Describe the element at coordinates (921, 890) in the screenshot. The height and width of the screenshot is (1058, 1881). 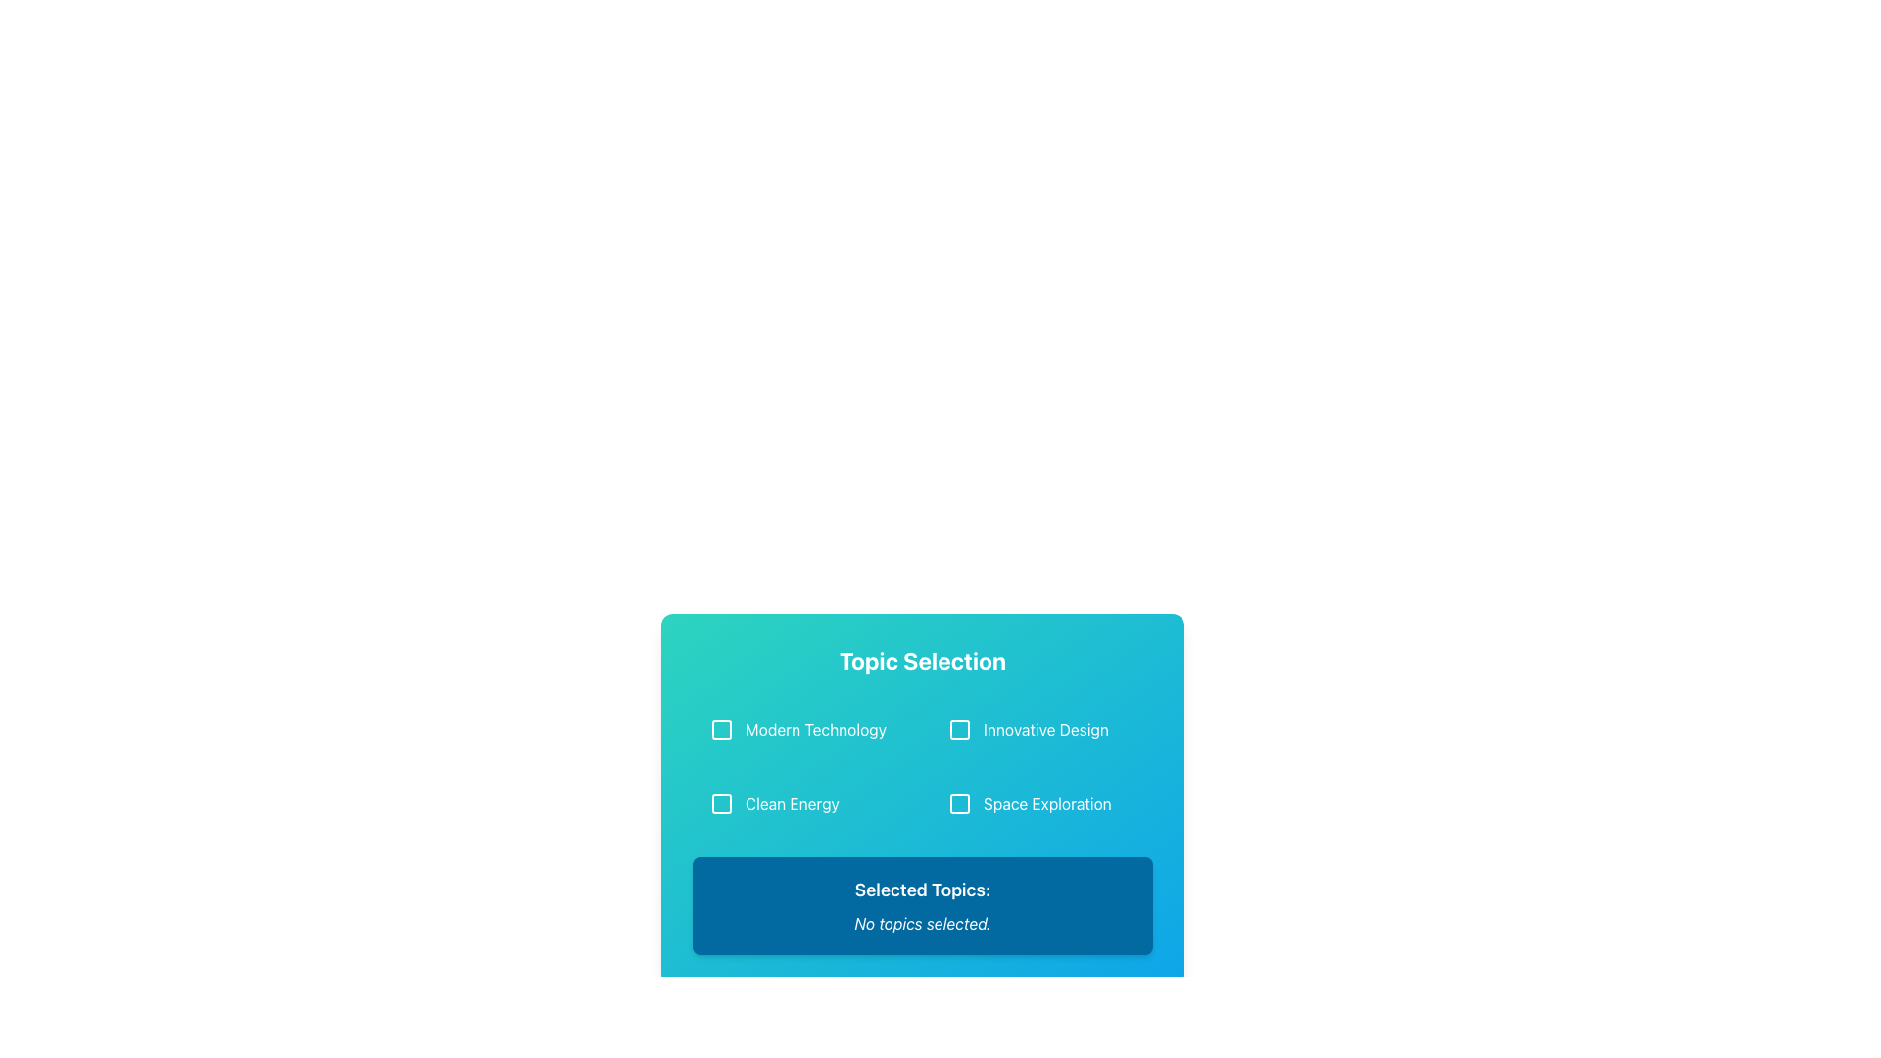
I see `the text label displaying 'Selected Topics:' which is prominently styled in bold on a dark blue background` at that location.